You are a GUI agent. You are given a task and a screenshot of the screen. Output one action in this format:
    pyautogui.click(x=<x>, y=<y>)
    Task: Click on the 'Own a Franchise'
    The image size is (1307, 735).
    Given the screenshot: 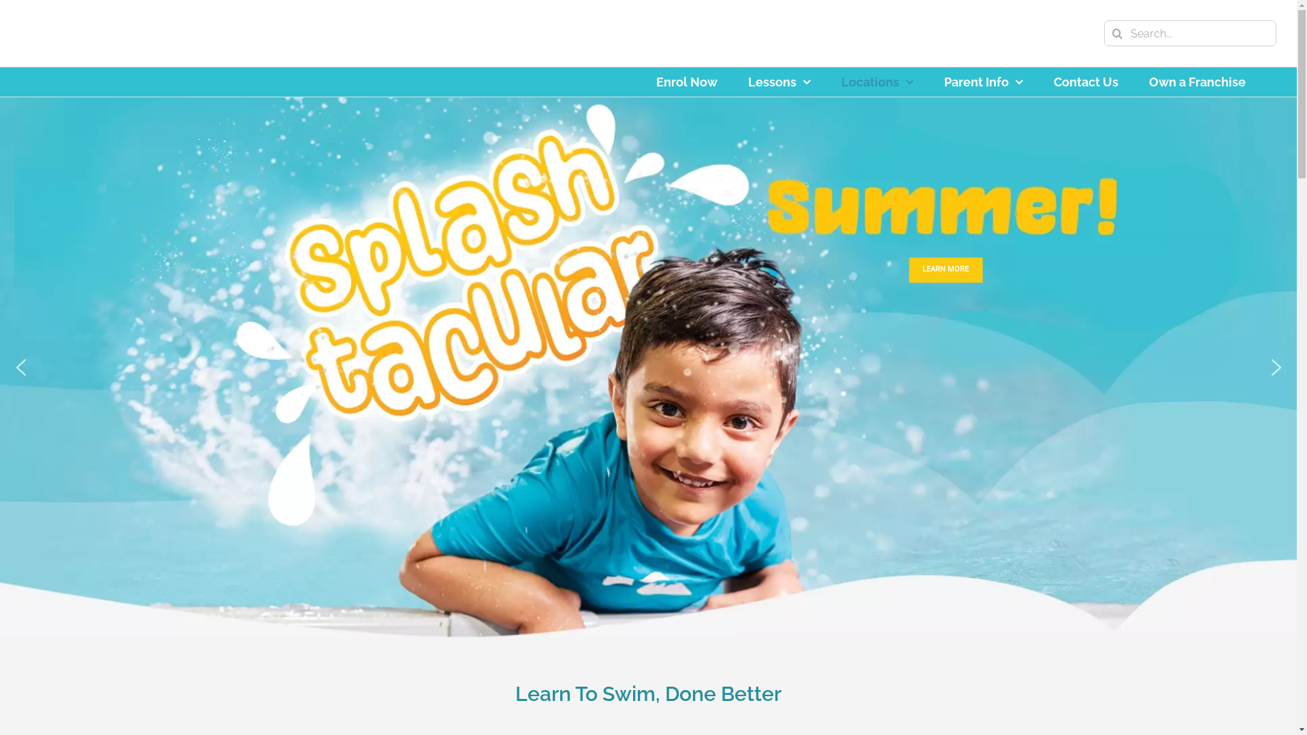 What is the action you would take?
    pyautogui.click(x=1196, y=82)
    